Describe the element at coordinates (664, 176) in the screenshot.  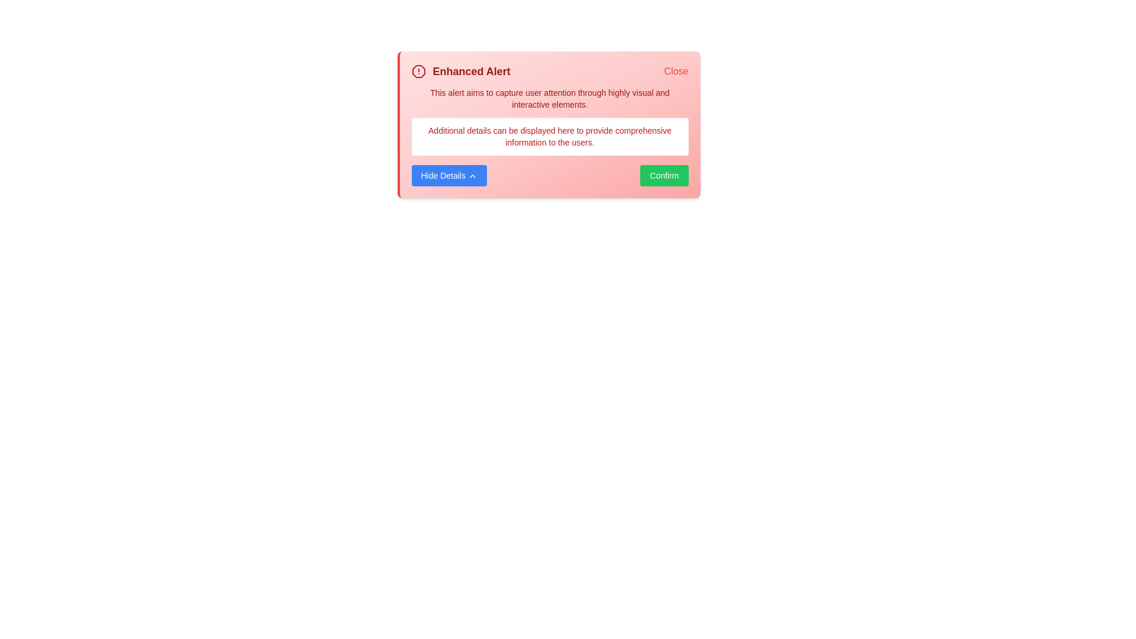
I see `the 'Confirm' button to confirm the action` at that location.